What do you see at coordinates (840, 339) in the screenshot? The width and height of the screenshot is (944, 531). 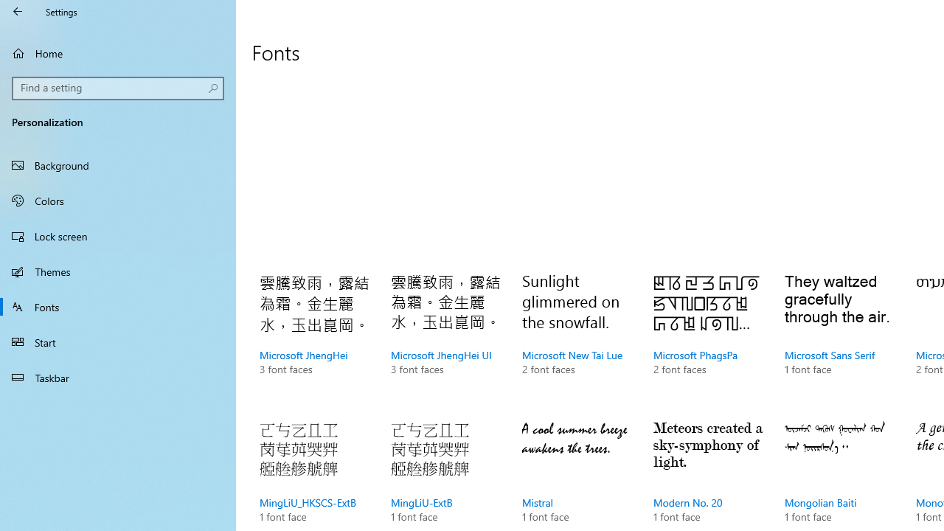 I see `'Microsoft Sans Serif, 1 font face'` at bounding box center [840, 339].